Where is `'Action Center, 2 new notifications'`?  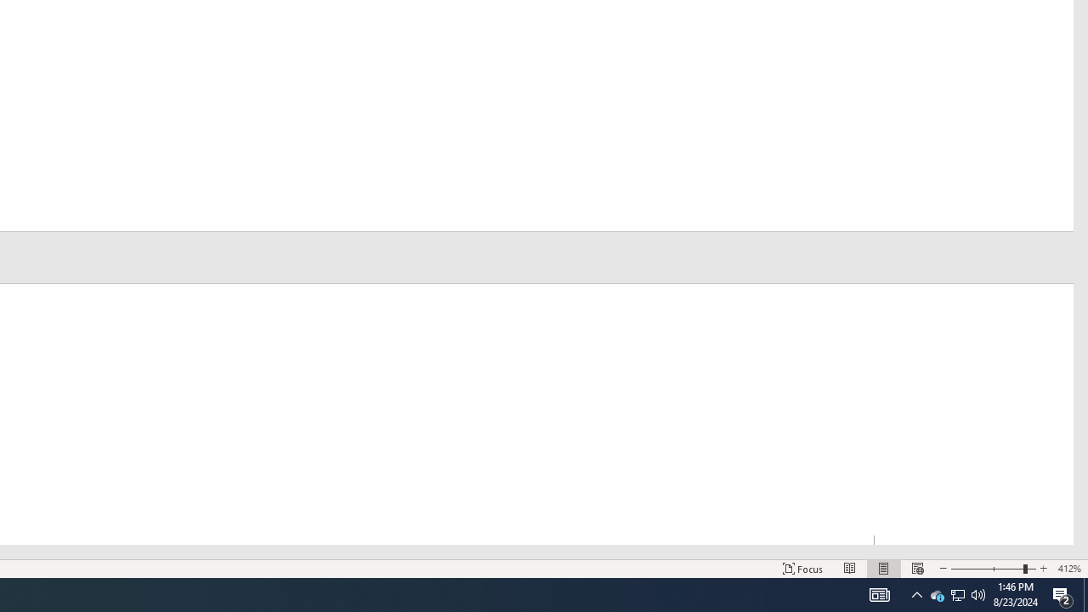
'Action Center, 2 new notifications' is located at coordinates (1062, 593).